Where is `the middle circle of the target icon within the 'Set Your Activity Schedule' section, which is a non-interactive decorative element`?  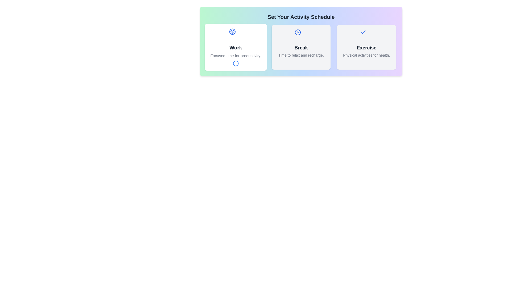 the middle circle of the target icon within the 'Set Your Activity Schedule' section, which is a non-interactive decorative element is located at coordinates (232, 32).